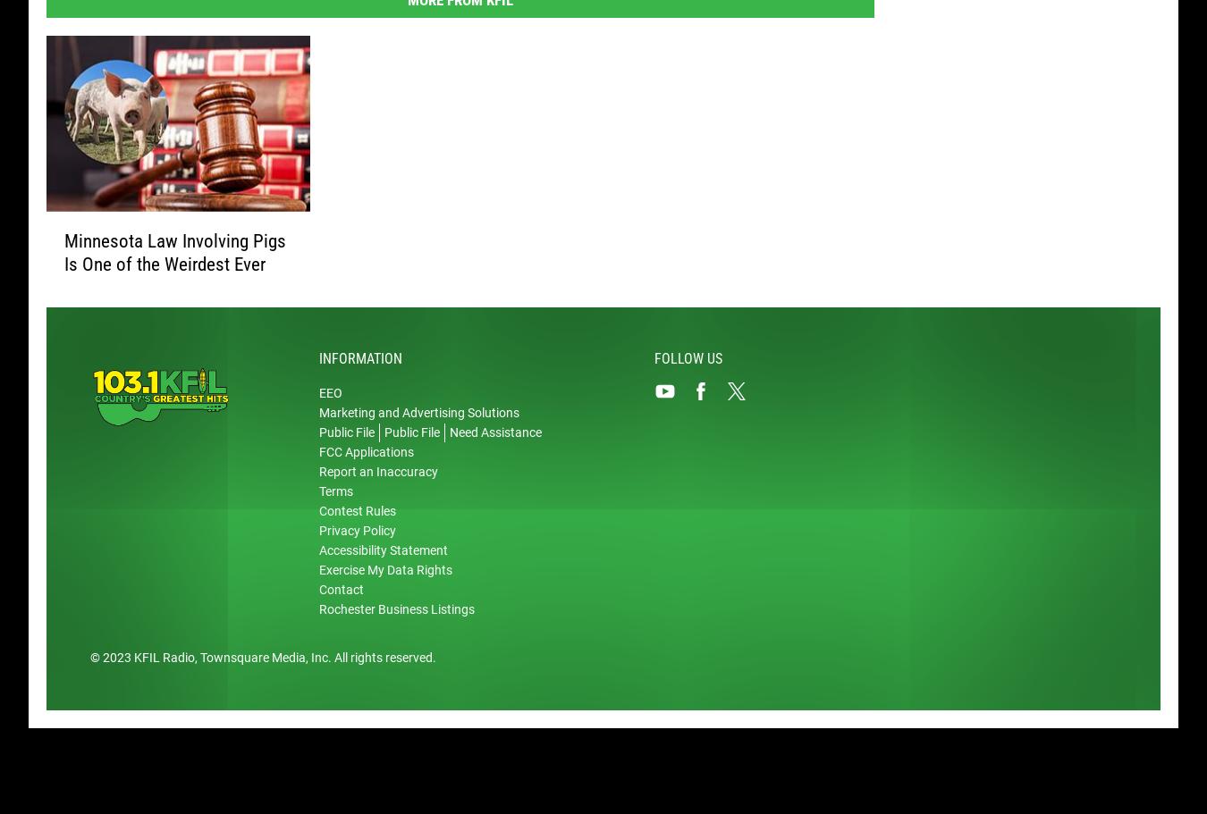  What do you see at coordinates (335, 492) in the screenshot?
I see `'Terms'` at bounding box center [335, 492].